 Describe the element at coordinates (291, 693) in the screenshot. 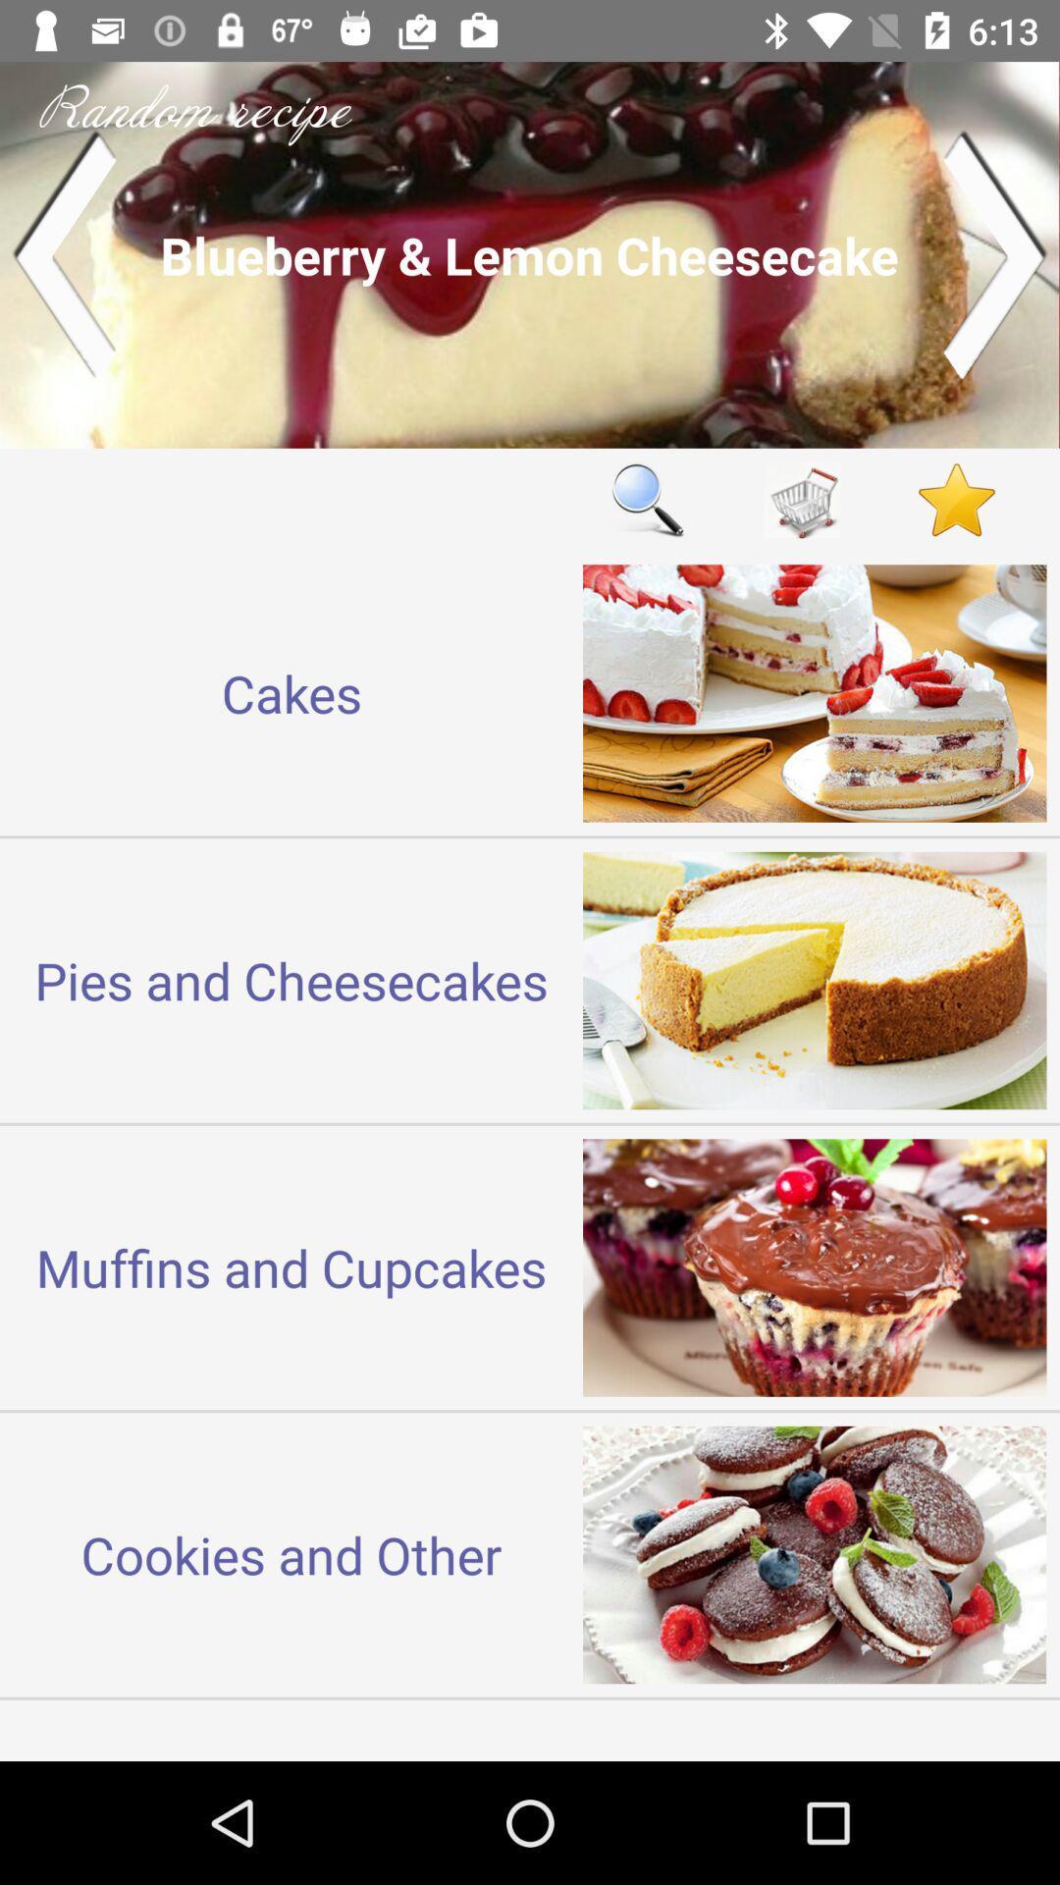

I see `the cakes item` at that location.